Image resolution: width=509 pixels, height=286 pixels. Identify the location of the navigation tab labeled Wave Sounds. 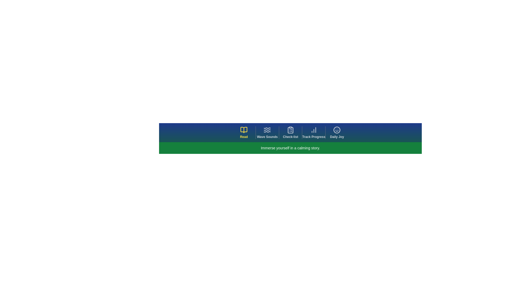
(267, 132).